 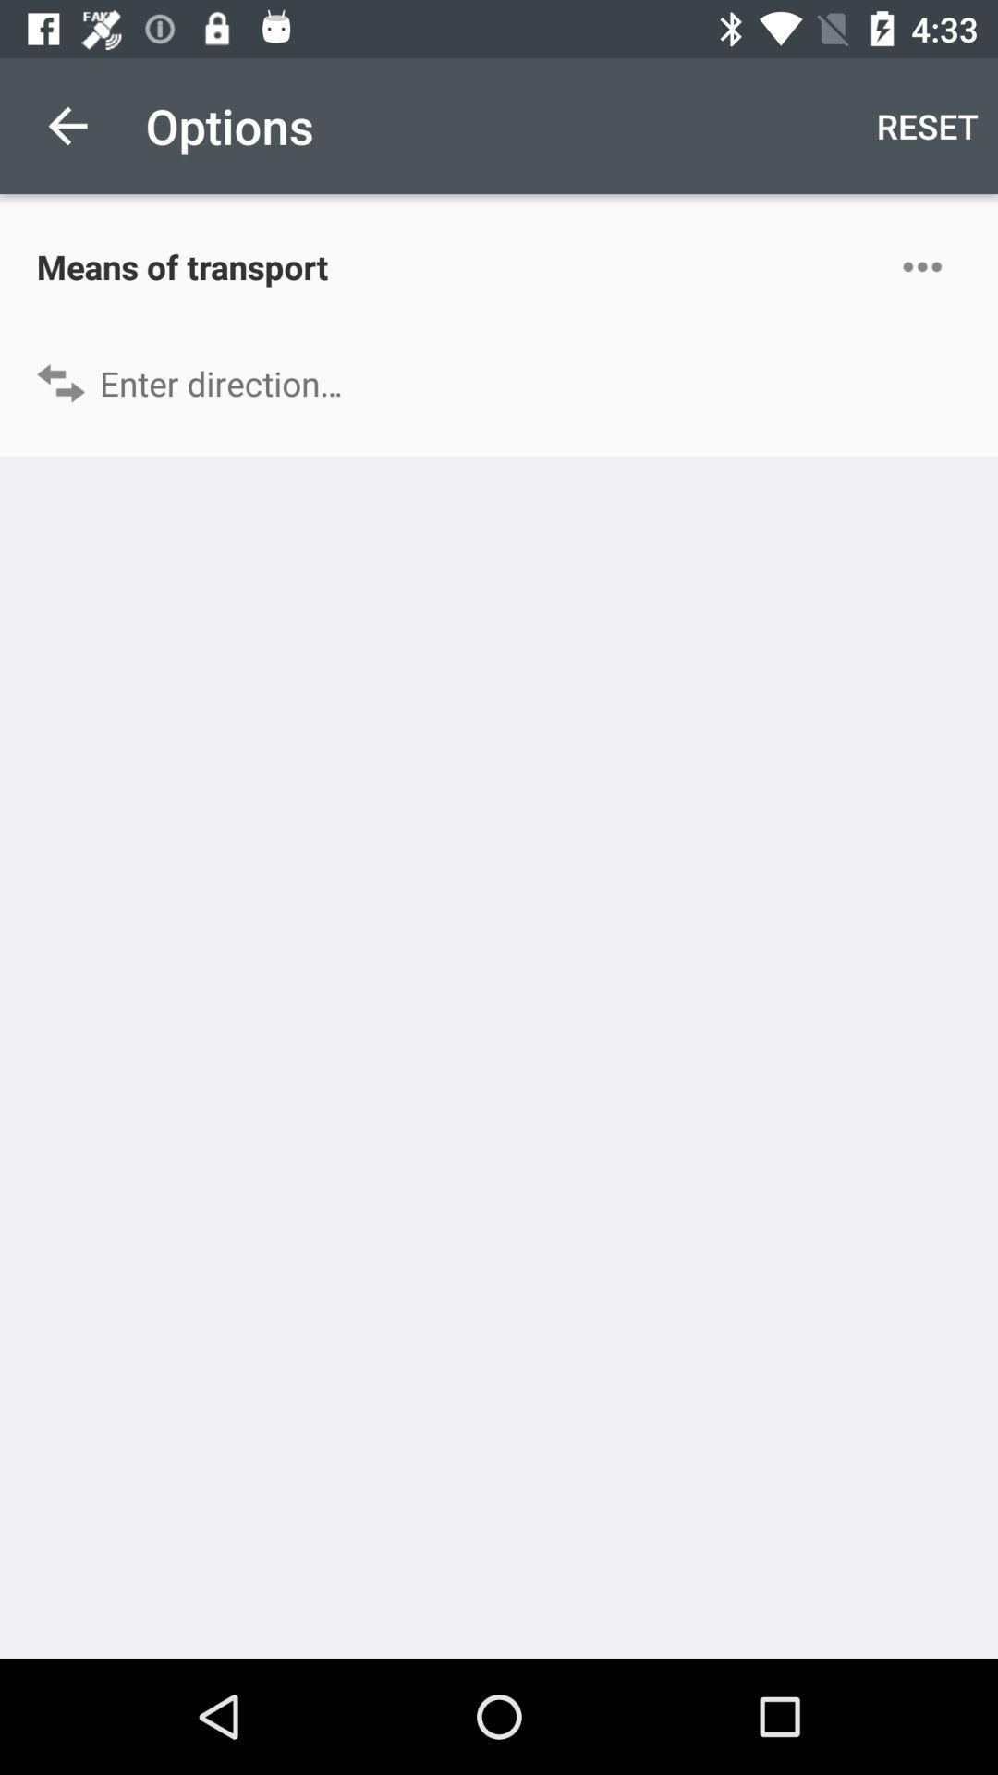 I want to click on the item next to the options item, so click(x=927, y=125).